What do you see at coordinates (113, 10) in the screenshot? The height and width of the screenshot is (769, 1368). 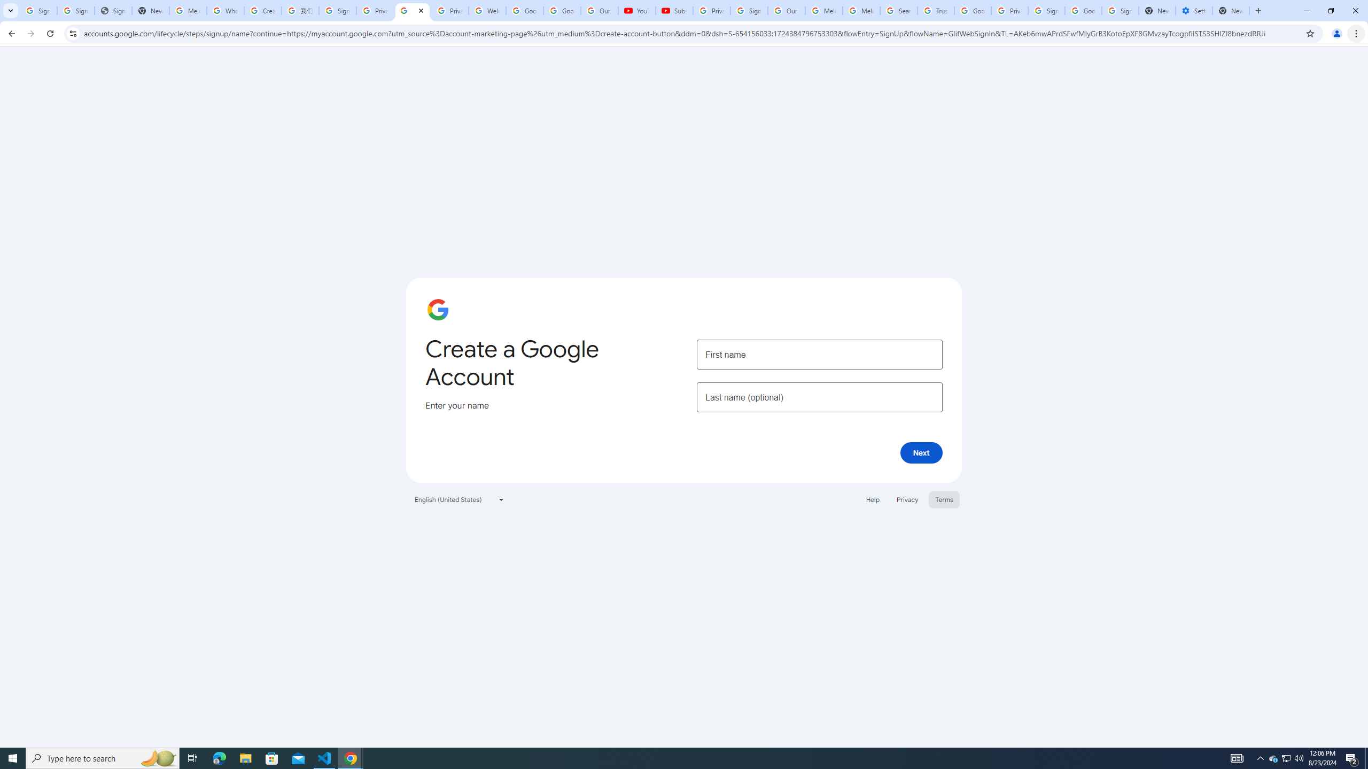 I see `'Sign In - USA TODAY'` at bounding box center [113, 10].